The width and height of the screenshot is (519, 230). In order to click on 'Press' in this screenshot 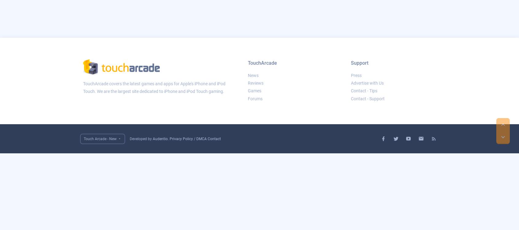, I will do `click(350, 75)`.